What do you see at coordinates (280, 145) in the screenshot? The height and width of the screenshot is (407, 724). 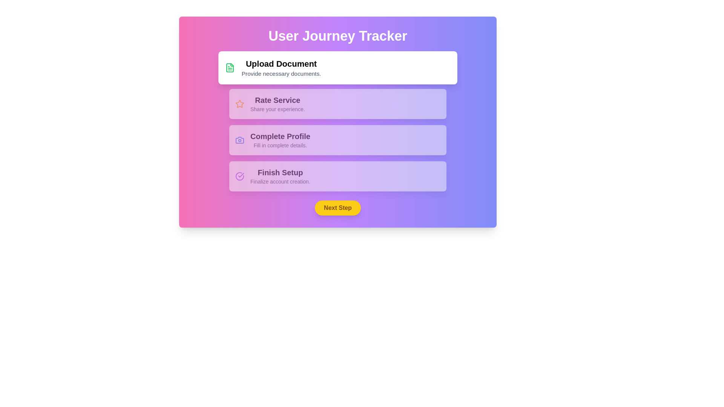 I see `the static text label that provides guidance for completing the profile, located below the 'Complete Profile' heading and above the 'Next Step' button` at bounding box center [280, 145].